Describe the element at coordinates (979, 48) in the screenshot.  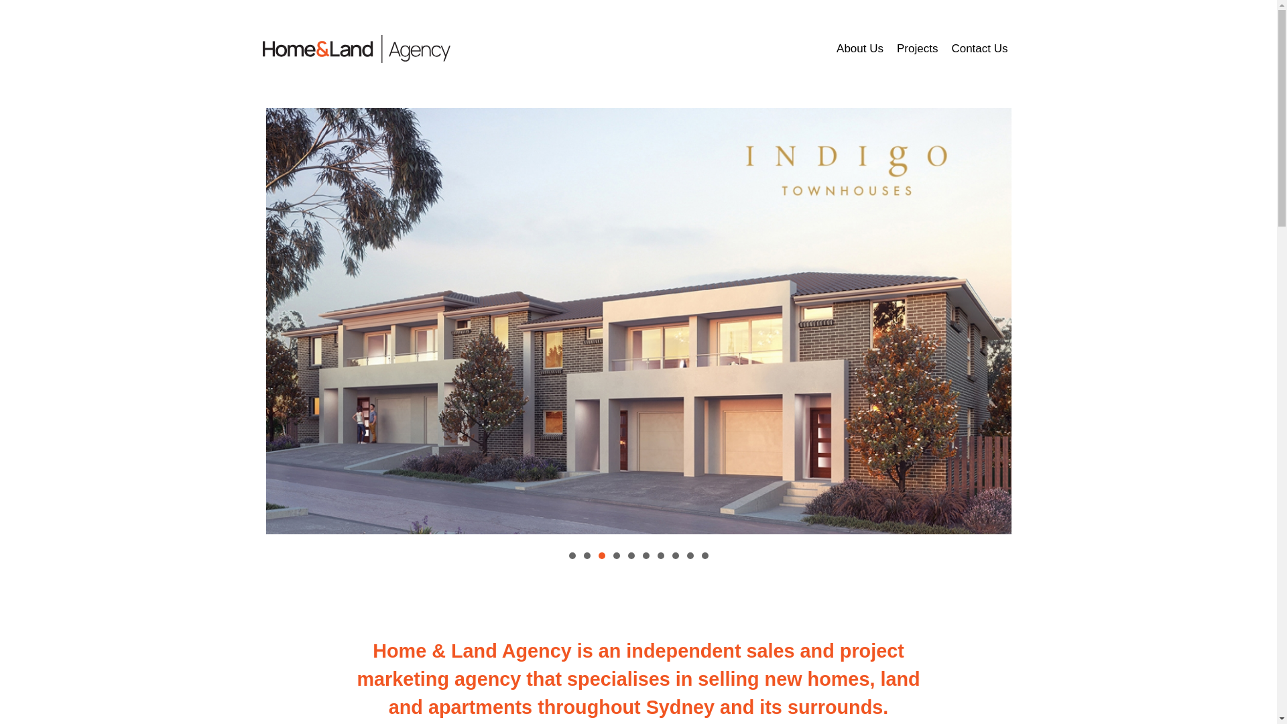
I see `'Contact Us'` at that location.